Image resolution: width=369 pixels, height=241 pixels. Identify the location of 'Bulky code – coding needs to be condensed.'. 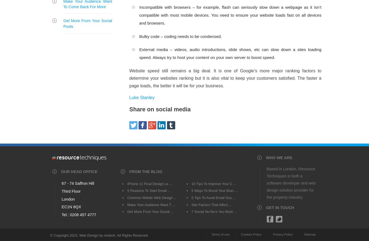
(180, 36).